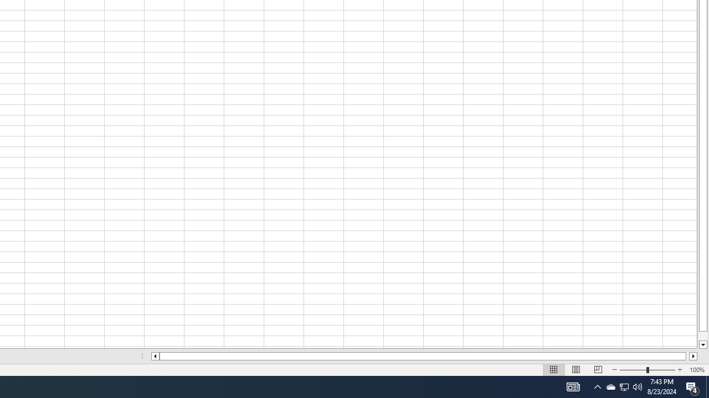 Image resolution: width=709 pixels, height=398 pixels. What do you see at coordinates (679, 370) in the screenshot?
I see `'Zoom In'` at bounding box center [679, 370].